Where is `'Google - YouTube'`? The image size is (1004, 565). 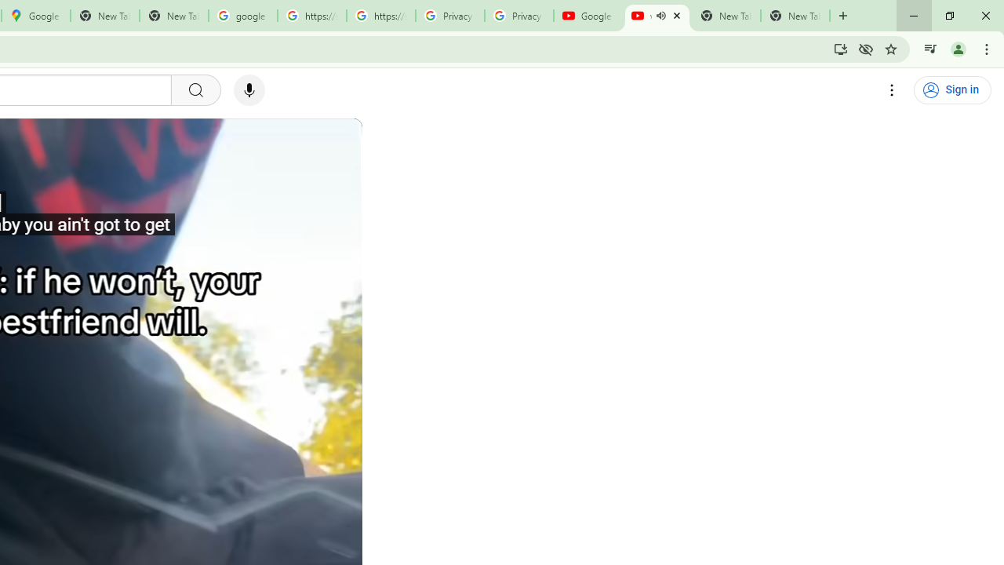 'Google - YouTube' is located at coordinates (587, 16).